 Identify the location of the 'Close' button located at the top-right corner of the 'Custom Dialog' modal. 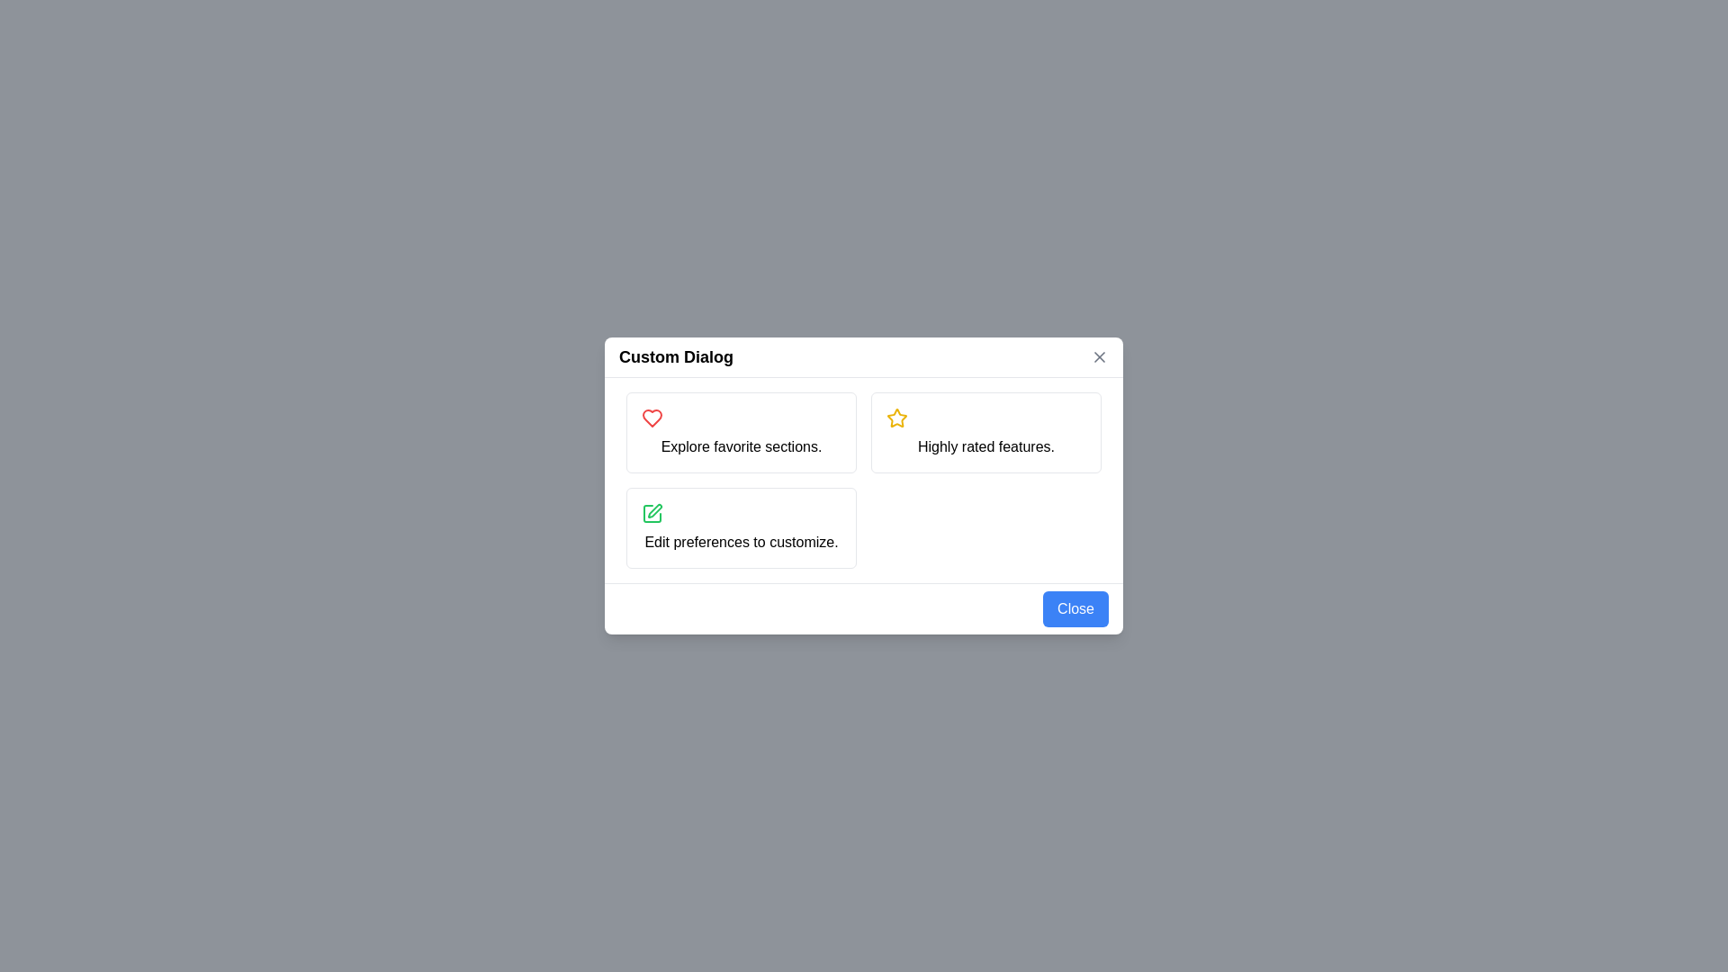
(1099, 357).